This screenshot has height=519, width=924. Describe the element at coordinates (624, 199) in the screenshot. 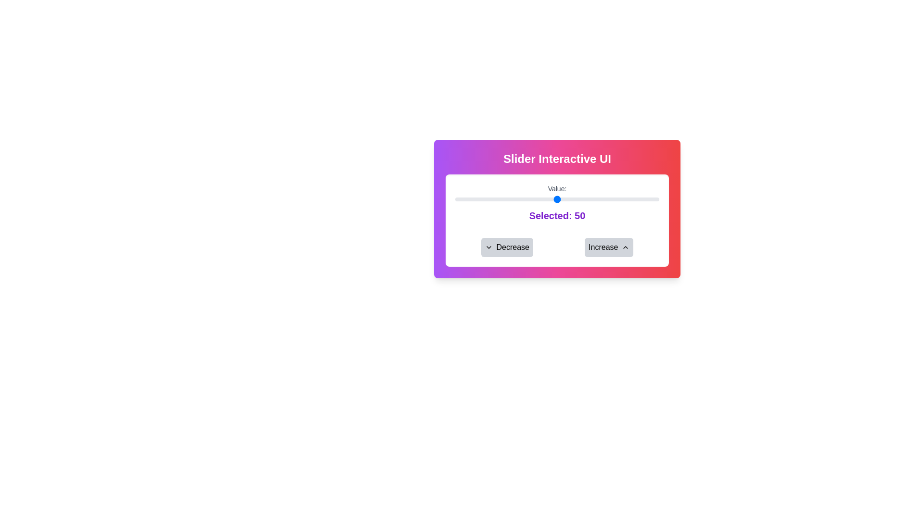

I see `the slider value` at that location.